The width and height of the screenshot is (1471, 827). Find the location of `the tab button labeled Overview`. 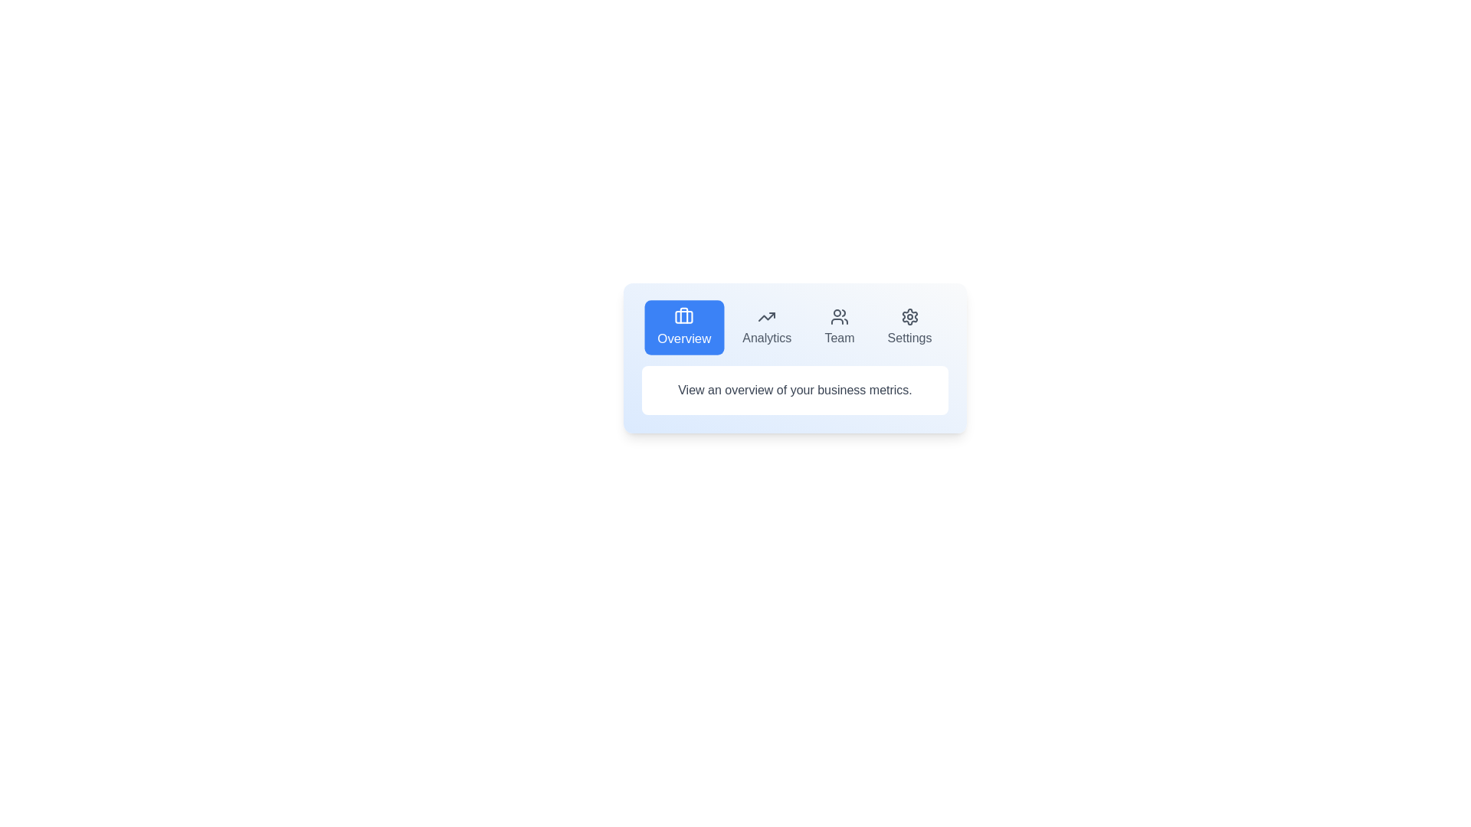

the tab button labeled Overview is located at coordinates (683, 327).